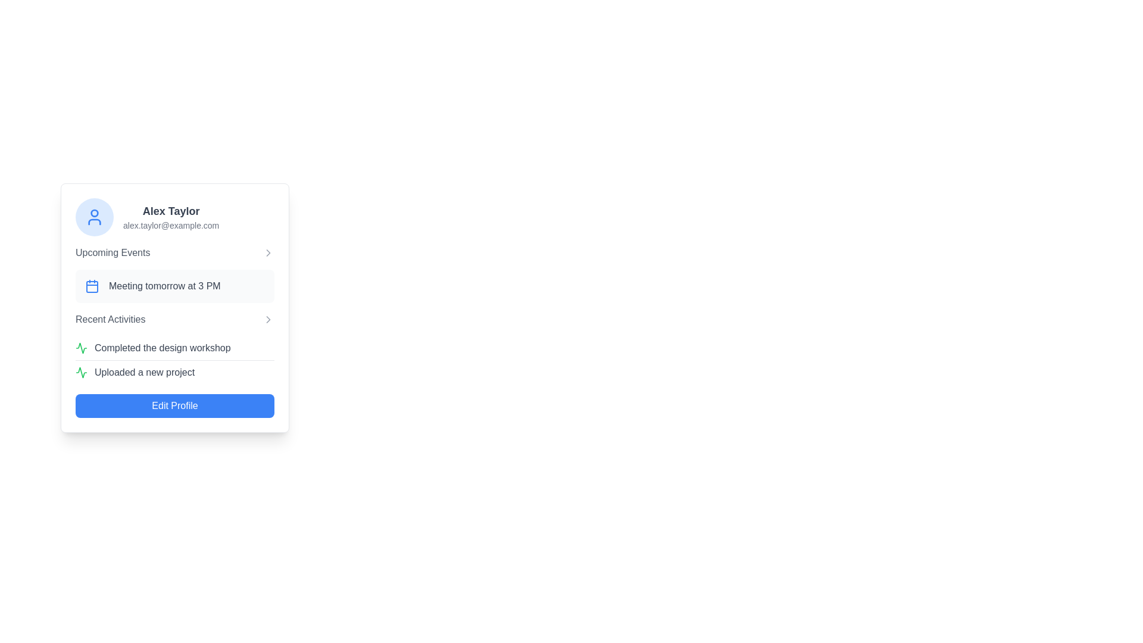  Describe the element at coordinates (268, 319) in the screenshot. I see `the arrow icon indicating navigation to the detailed view of the 'Recent Activities' section` at that location.